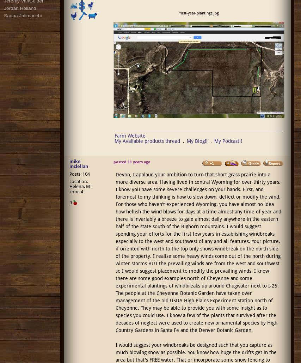 The image size is (301, 363). I want to click on 'My Blog!!', so click(197, 140).